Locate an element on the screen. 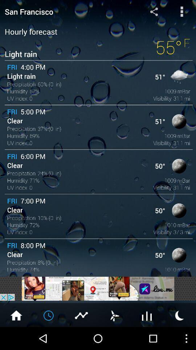  the weather icon is located at coordinates (179, 337).